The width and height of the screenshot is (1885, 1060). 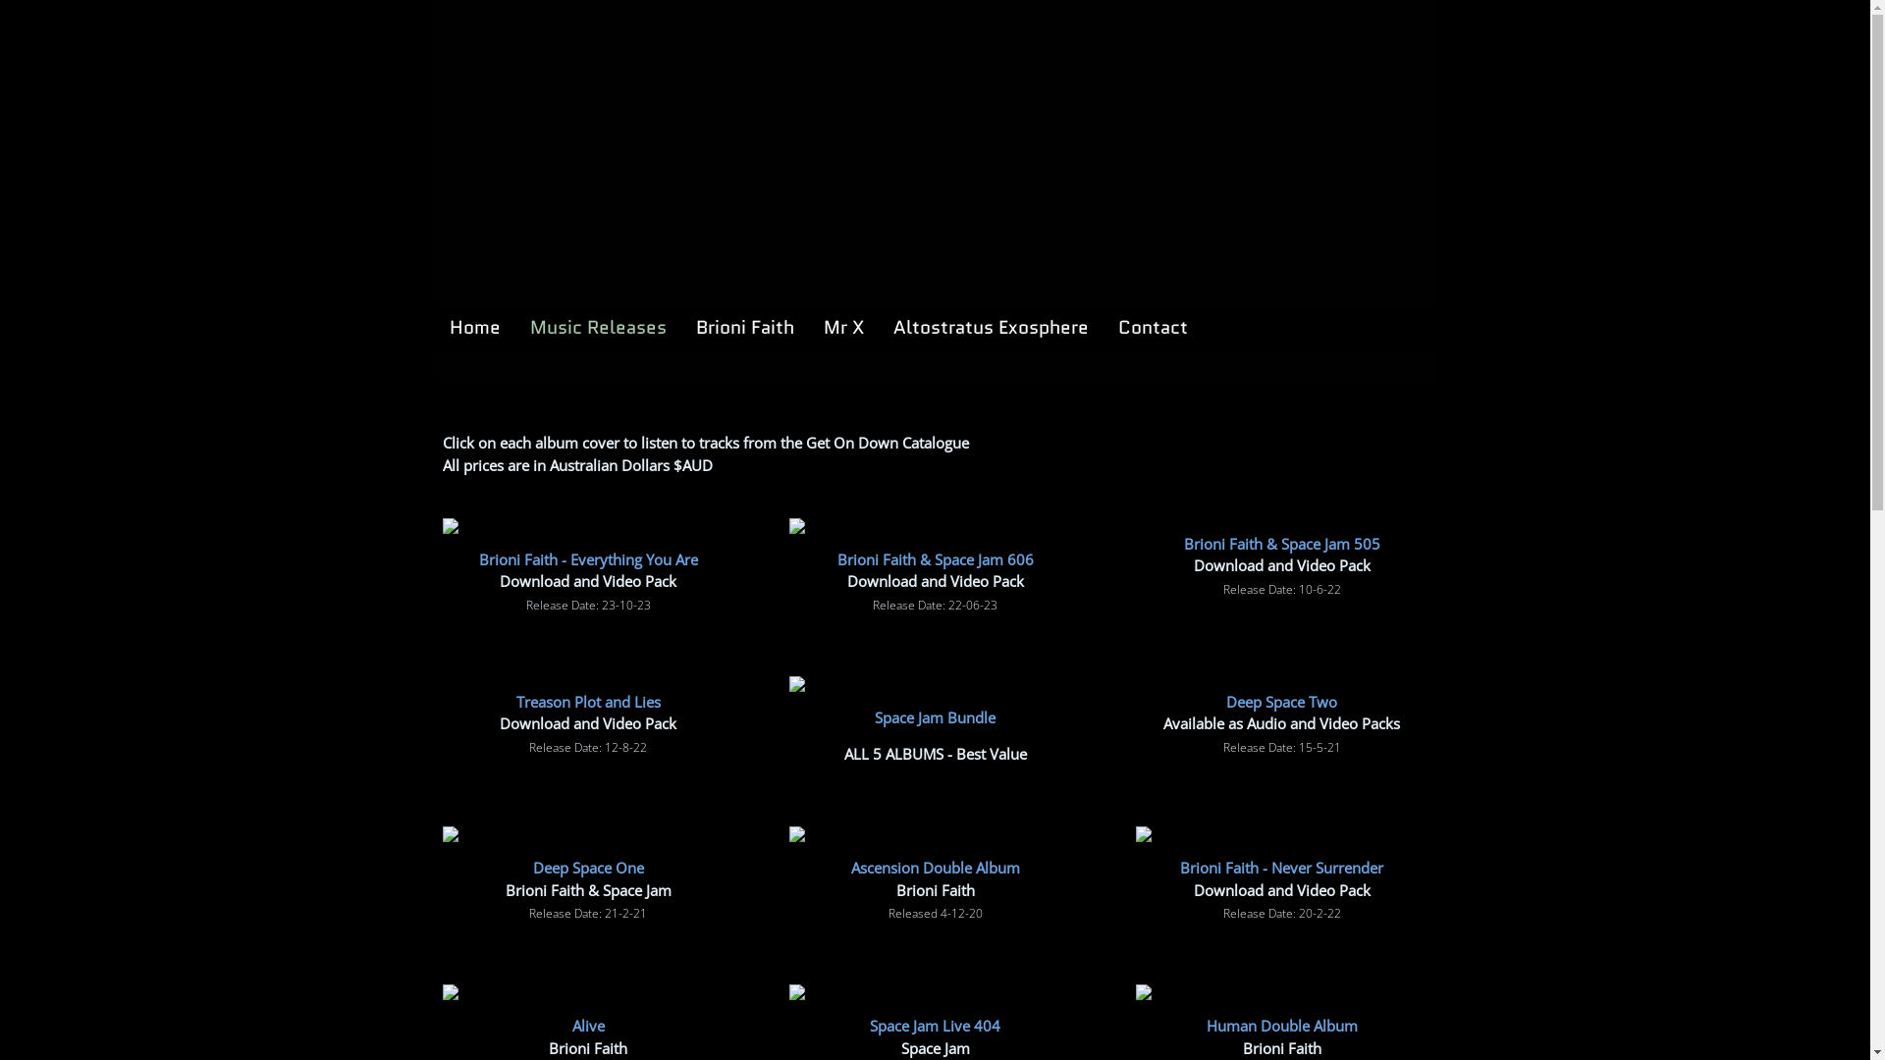 What do you see at coordinates (743, 327) in the screenshot?
I see `'Brioni Faith'` at bounding box center [743, 327].